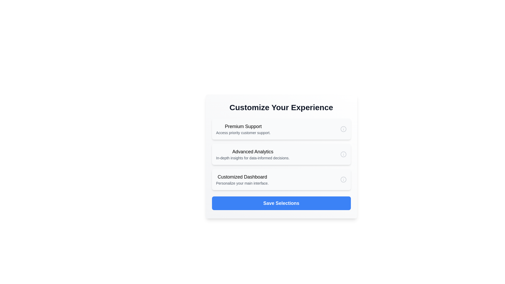  Describe the element at coordinates (281, 129) in the screenshot. I see `the feature Premium Support` at that location.